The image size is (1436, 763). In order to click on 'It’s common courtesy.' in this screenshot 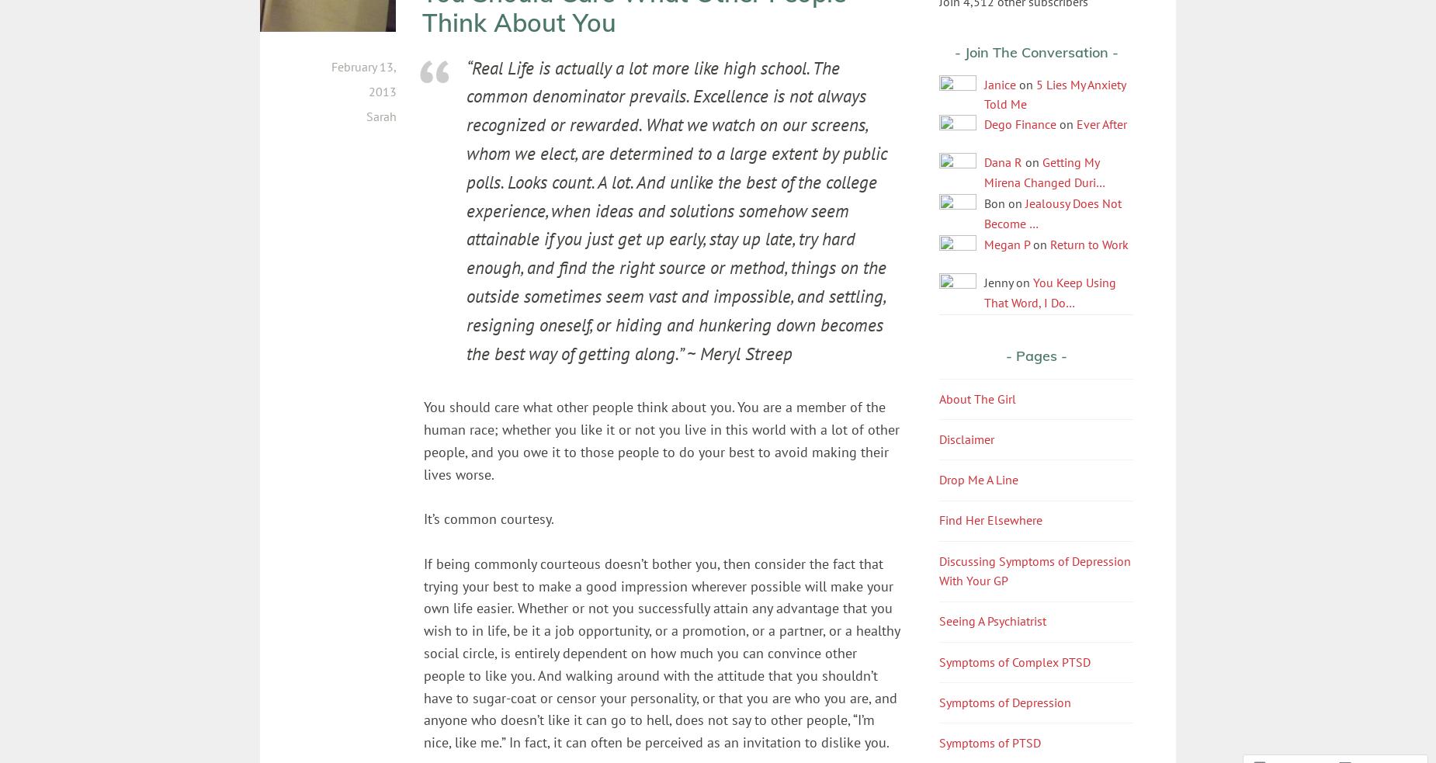, I will do `click(488, 518)`.